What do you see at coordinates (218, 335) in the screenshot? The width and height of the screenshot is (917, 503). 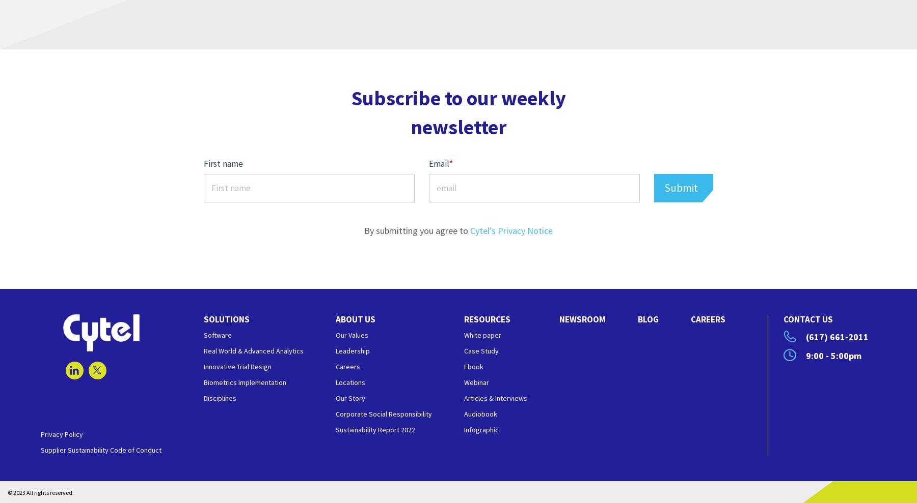 I see `'Software'` at bounding box center [218, 335].